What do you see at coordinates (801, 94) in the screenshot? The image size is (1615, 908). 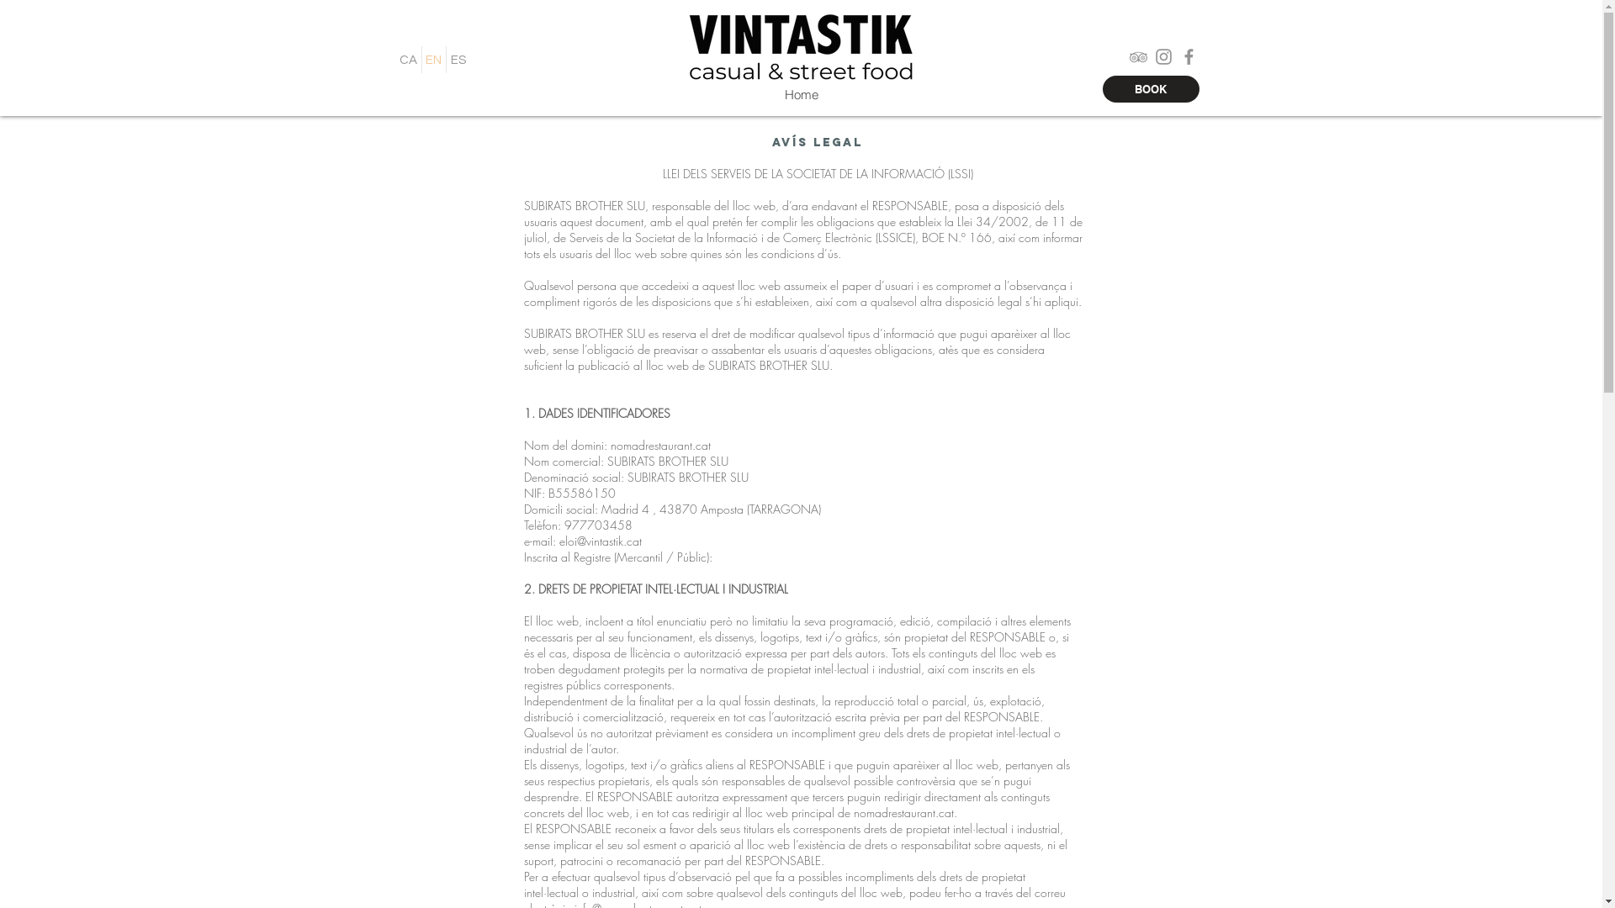 I see `'Home'` at bounding box center [801, 94].